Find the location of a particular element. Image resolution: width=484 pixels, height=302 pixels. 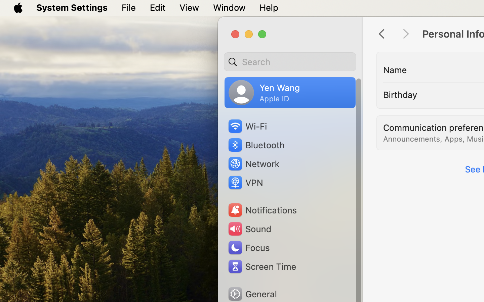

'General' is located at coordinates (251, 294).